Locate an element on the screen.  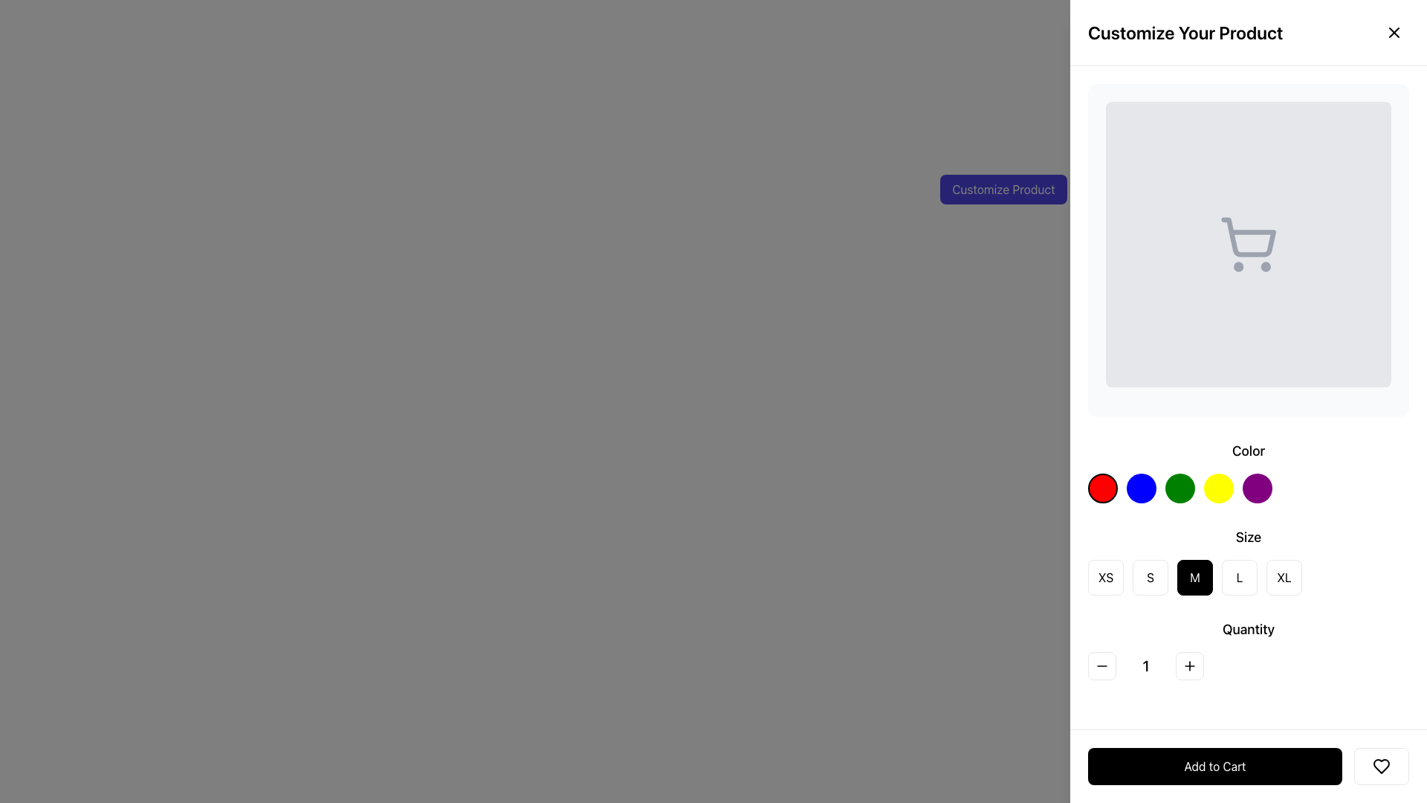
the 'Quantity' text label, which is a bold, medium-sized font element located at the top of the quantity selection controls in the product customization panel is located at coordinates (1249, 630).